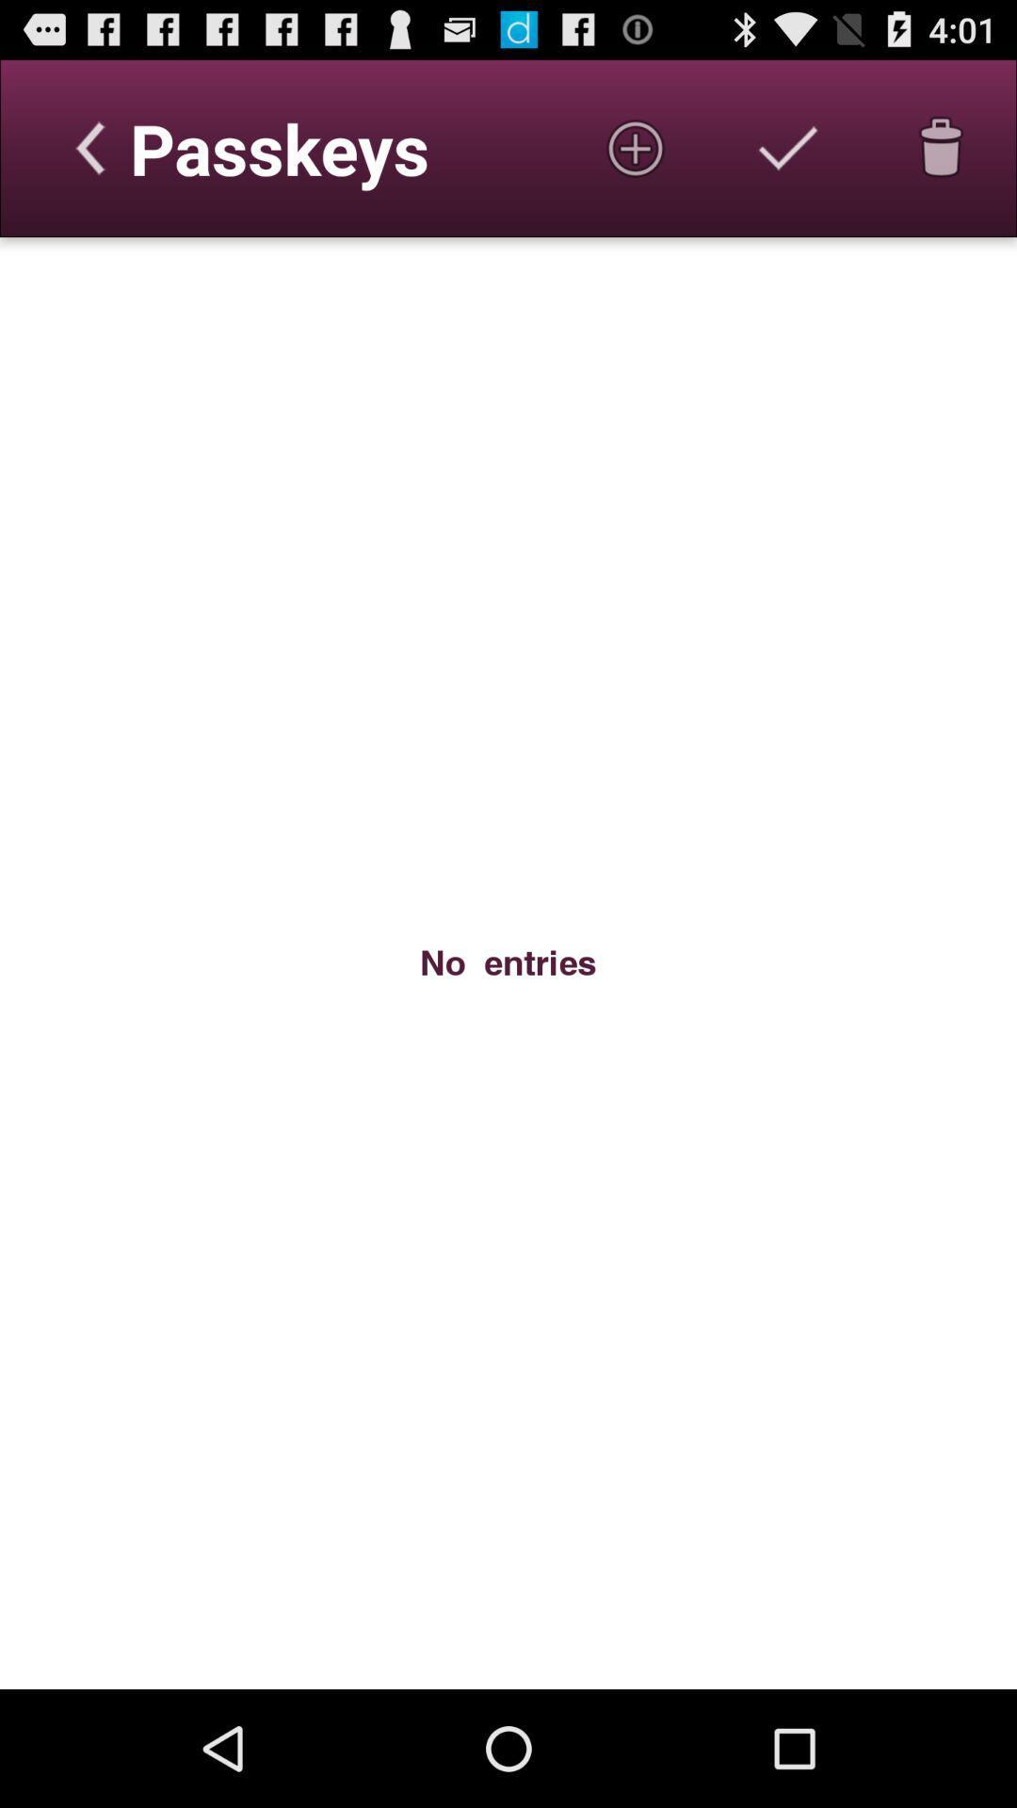 Image resolution: width=1017 pixels, height=1808 pixels. I want to click on passkey, so click(636, 147).